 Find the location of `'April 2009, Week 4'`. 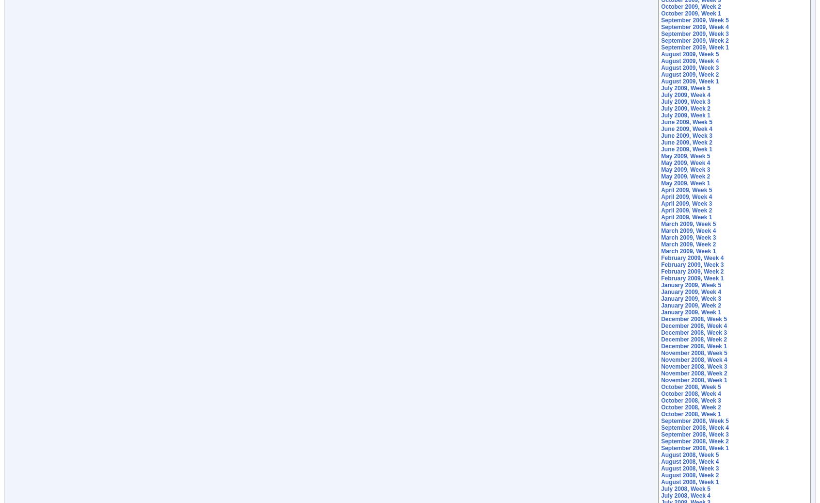

'April 2009, Week 4' is located at coordinates (661, 196).